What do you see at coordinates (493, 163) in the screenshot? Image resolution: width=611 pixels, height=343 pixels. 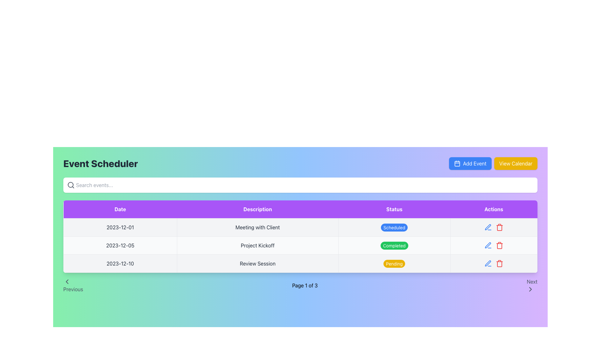 I see `the 'View Calendar' button in the Button Group located at the top right section of the Event Scheduler interface` at bounding box center [493, 163].